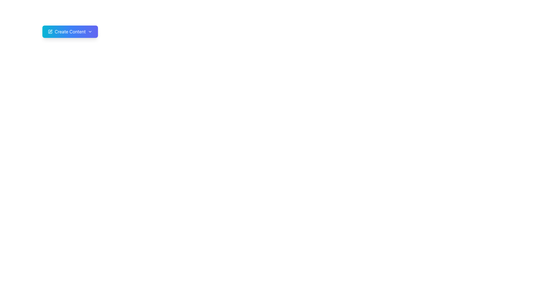  Describe the element at coordinates (70, 31) in the screenshot. I see `the 'Create Content' button with a blue to purple gradient background, which includes a pen icon and a chevron down icon` at that location.